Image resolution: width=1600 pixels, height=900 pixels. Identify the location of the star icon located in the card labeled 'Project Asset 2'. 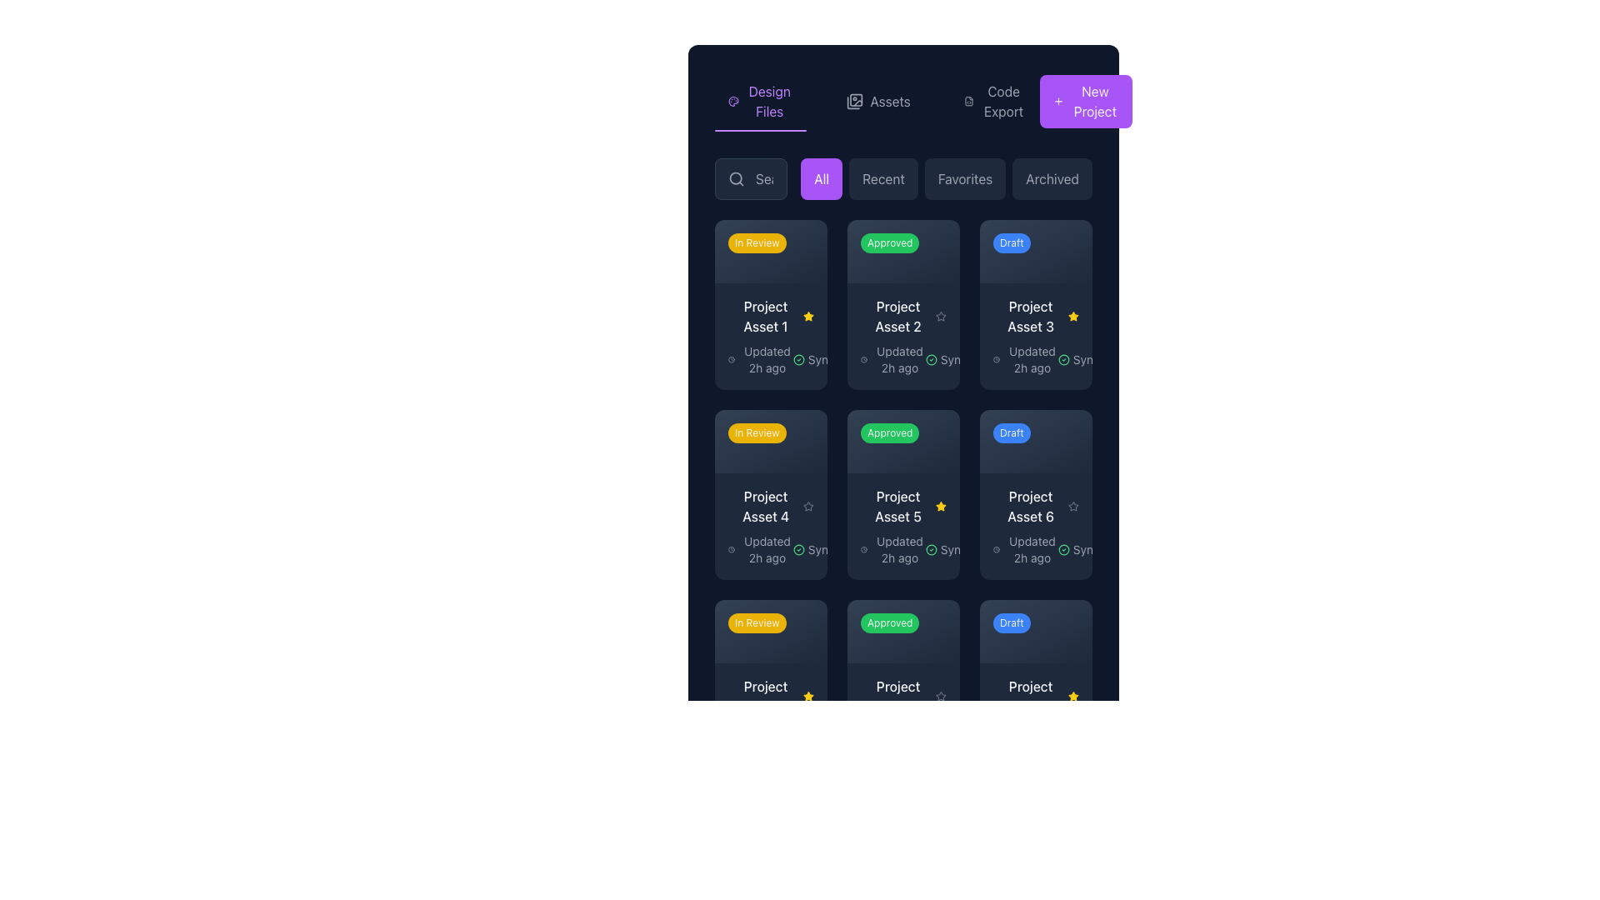
(941, 316).